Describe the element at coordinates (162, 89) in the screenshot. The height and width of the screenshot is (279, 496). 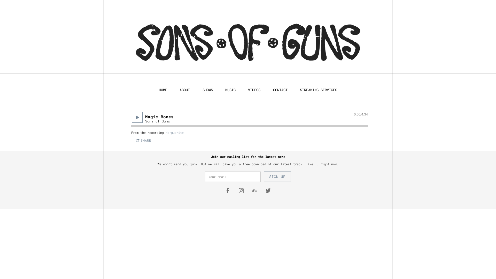
I see `'HOME'` at that location.